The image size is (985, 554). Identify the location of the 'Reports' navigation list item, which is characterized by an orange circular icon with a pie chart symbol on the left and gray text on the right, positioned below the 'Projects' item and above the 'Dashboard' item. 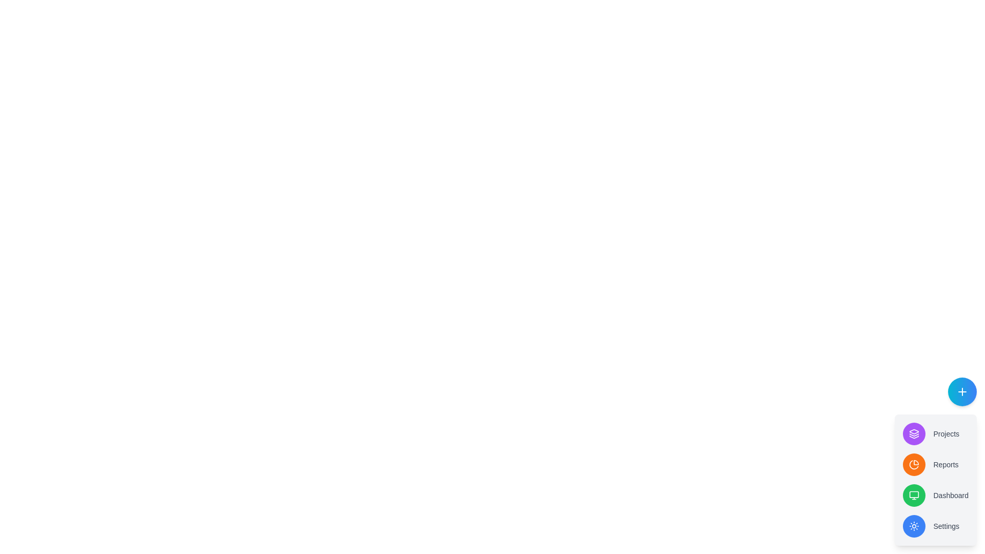
(935, 465).